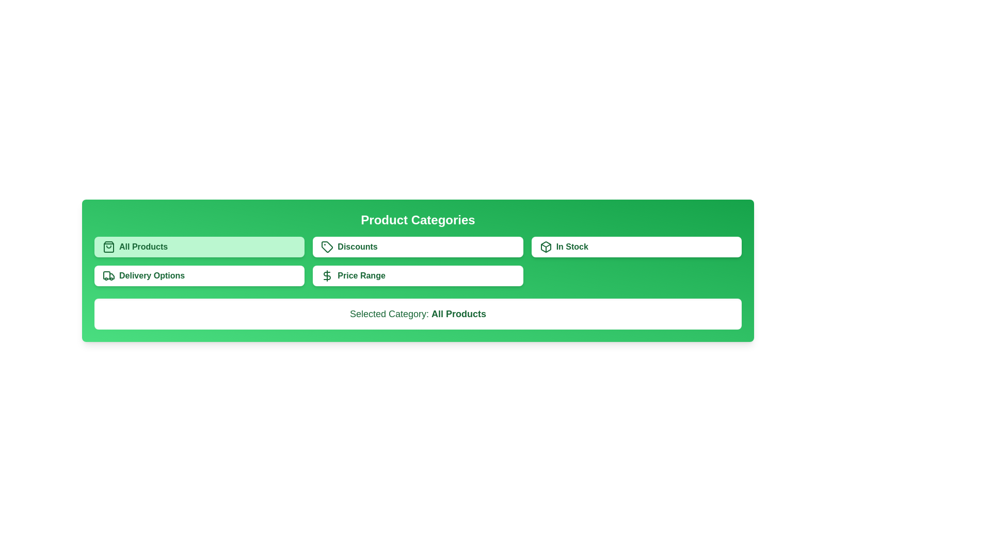 The width and height of the screenshot is (991, 557). What do you see at coordinates (361, 275) in the screenshot?
I see `text from the Text Label located within the button under the 'Product Categories' section, positioned immediately to the right of 'Delivery Options'` at bounding box center [361, 275].